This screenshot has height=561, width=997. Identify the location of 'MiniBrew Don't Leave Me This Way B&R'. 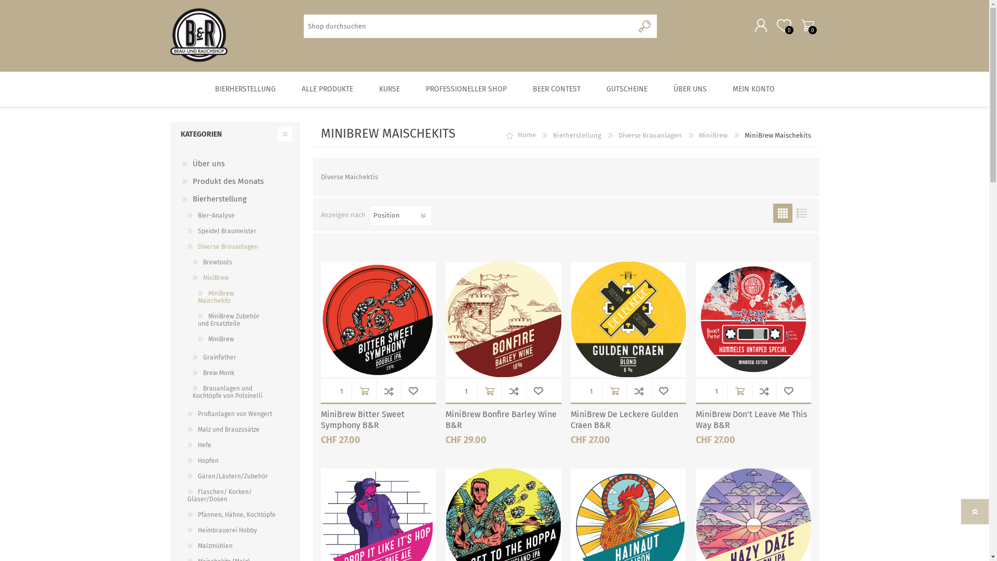
(753, 420).